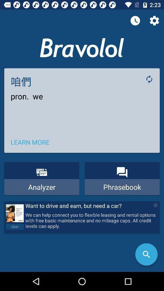 The image size is (164, 291). I want to click on the search icon, so click(146, 254).